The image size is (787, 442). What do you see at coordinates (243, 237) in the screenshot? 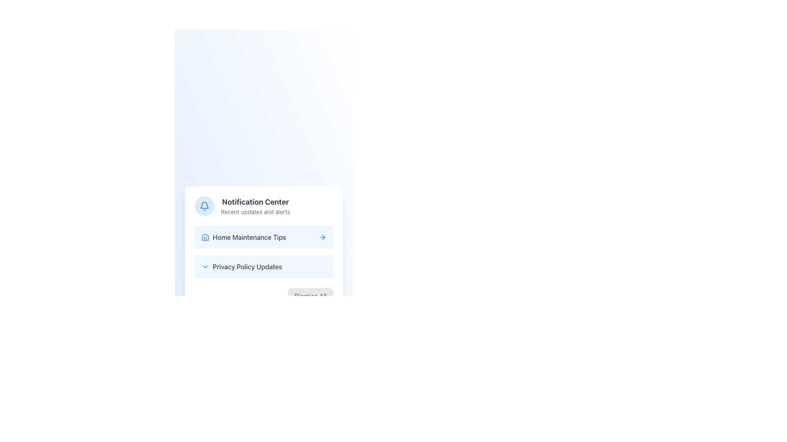
I see `the 'Home Maintenance Tips' clickable list item with a blue house icon located in the Notification Center` at bounding box center [243, 237].